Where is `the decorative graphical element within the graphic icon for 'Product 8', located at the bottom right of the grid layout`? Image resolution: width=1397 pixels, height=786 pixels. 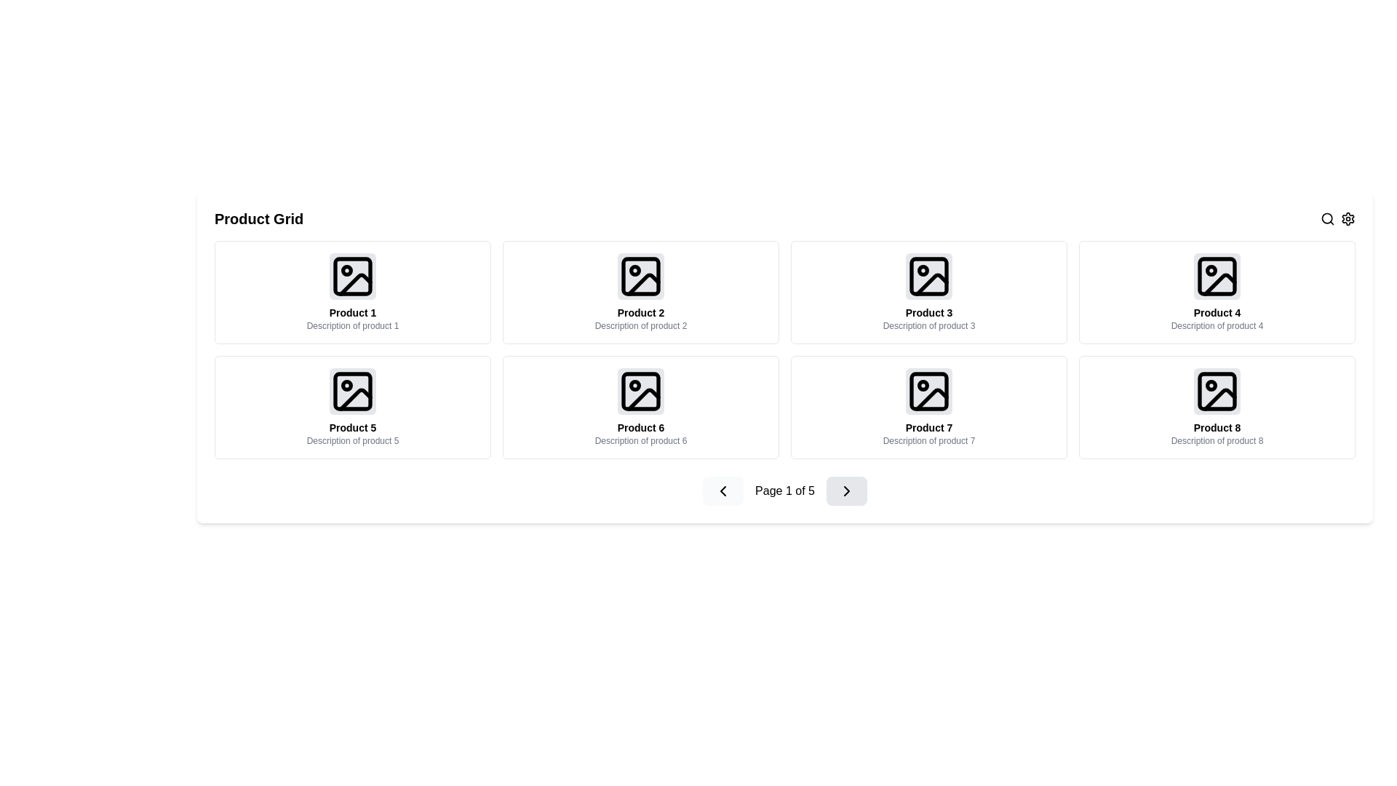
the decorative graphical element within the graphic icon for 'Product 8', located at the bottom right of the grid layout is located at coordinates (1219, 399).